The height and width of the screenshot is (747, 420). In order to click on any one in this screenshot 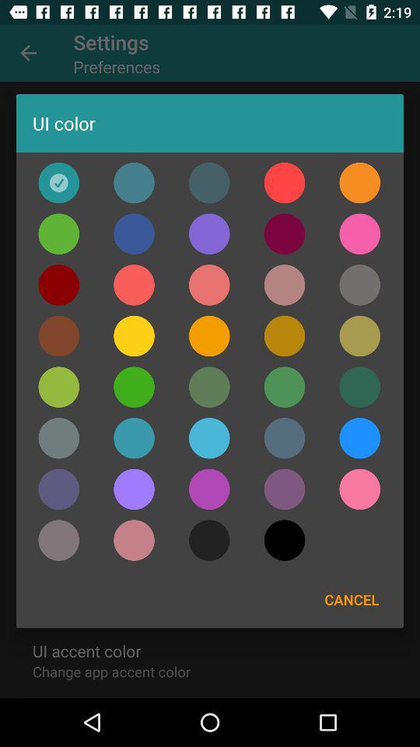, I will do `click(58, 183)`.